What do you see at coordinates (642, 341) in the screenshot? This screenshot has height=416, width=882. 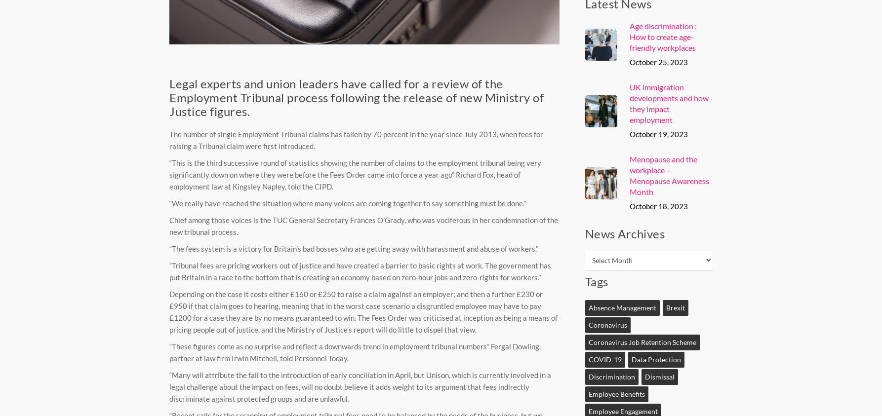 I see `'Coronavirus Job Retention Scheme'` at bounding box center [642, 341].